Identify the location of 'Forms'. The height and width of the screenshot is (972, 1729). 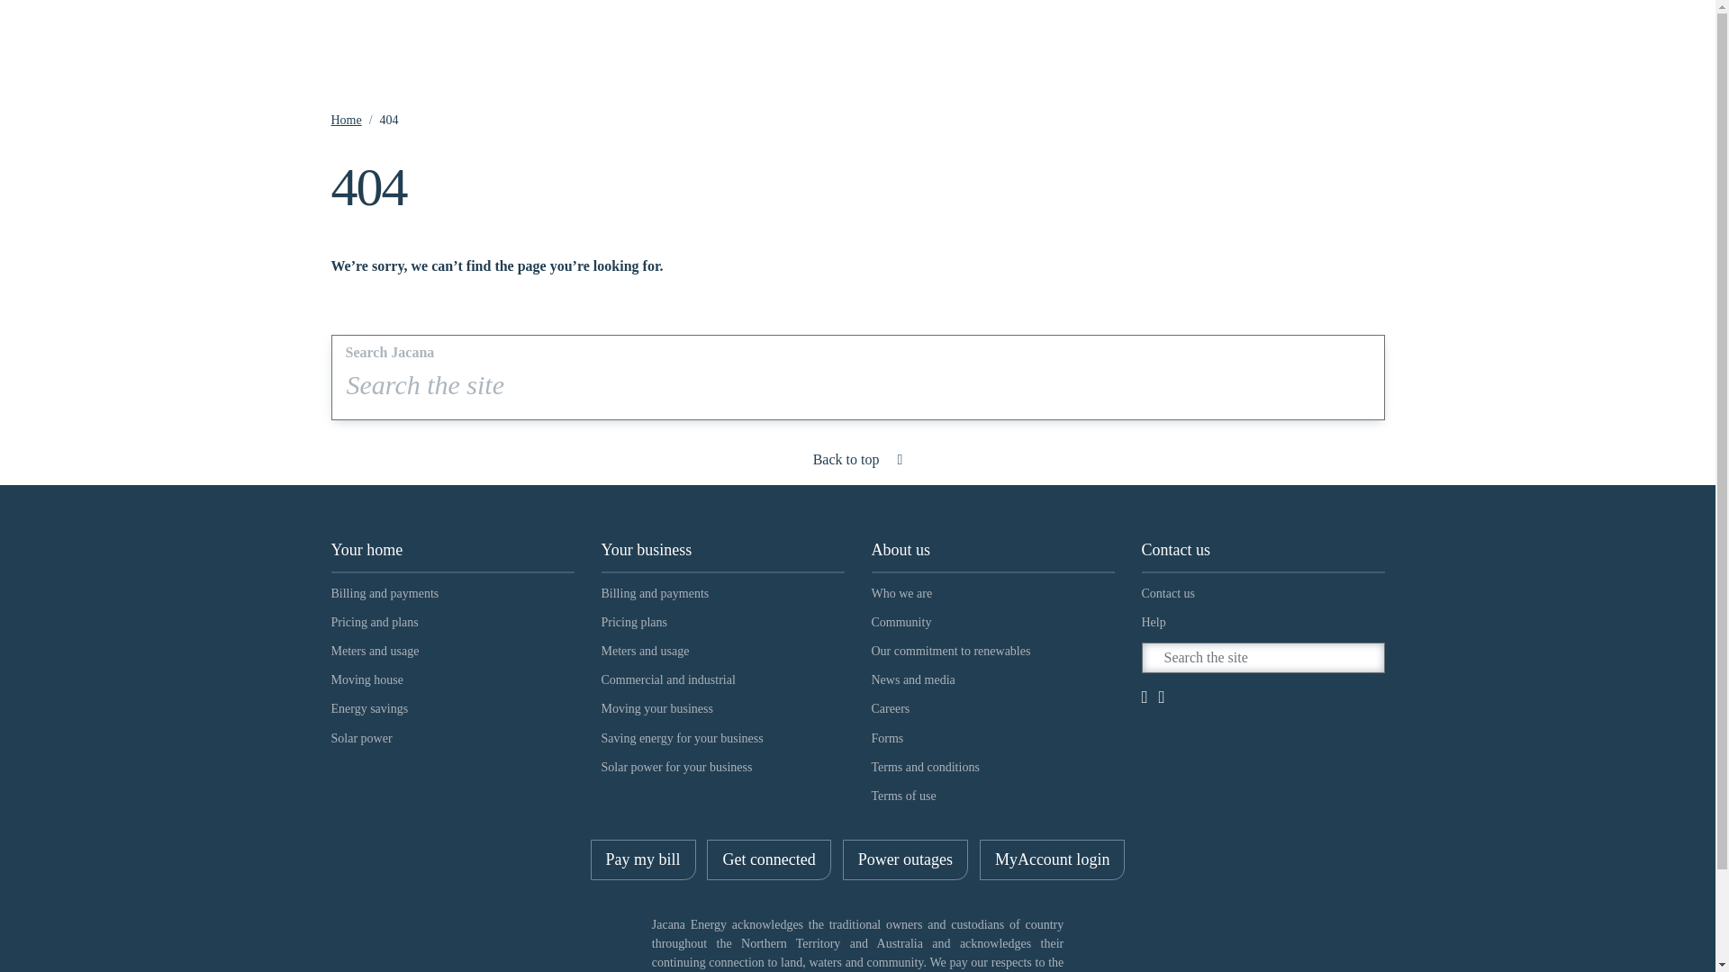
(872, 739).